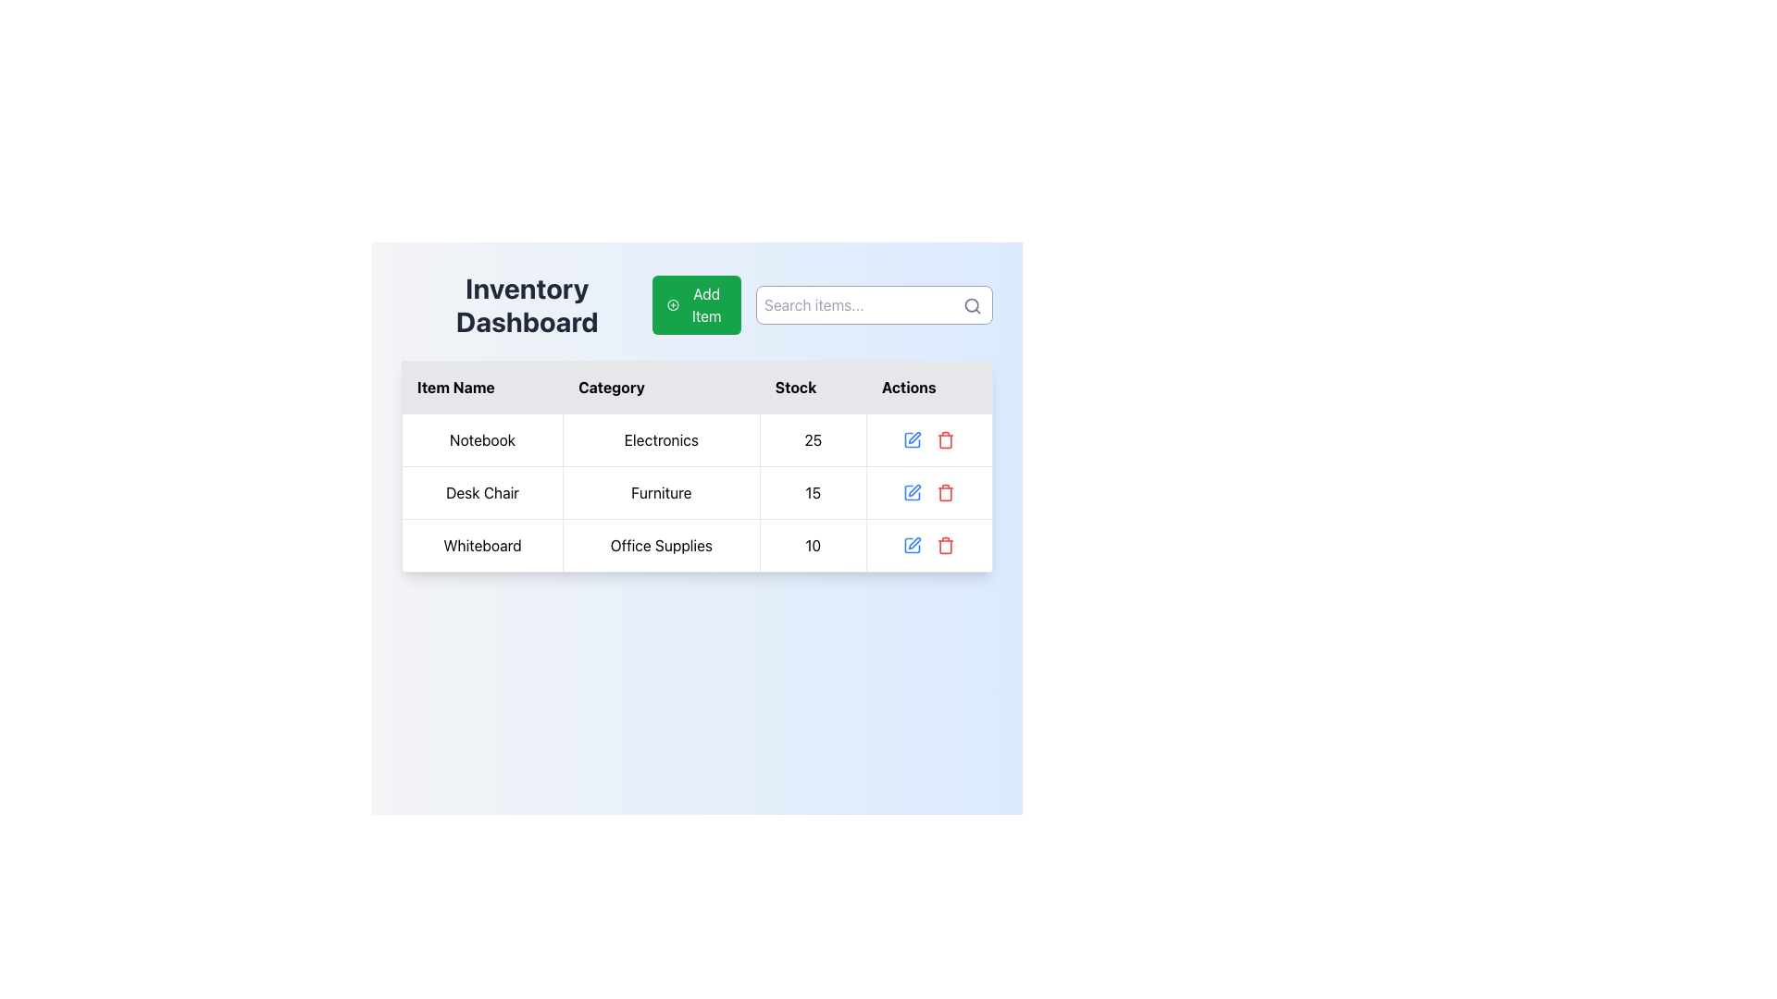  What do you see at coordinates (482, 439) in the screenshot?
I see `the 'Notebook' text label in the inventory list, located in the first column under 'Item Name' in the top-left portion of the table layout` at bounding box center [482, 439].